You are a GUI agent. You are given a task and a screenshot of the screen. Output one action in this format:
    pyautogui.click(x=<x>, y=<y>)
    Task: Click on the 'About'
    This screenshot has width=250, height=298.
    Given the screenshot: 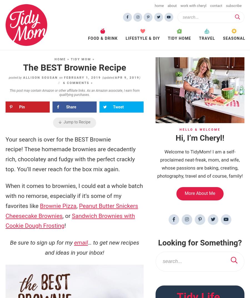 What is the action you would take?
    pyautogui.click(x=172, y=5)
    